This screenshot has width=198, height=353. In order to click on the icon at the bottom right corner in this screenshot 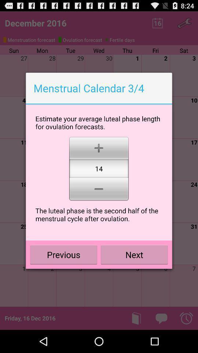, I will do `click(134, 254)`.